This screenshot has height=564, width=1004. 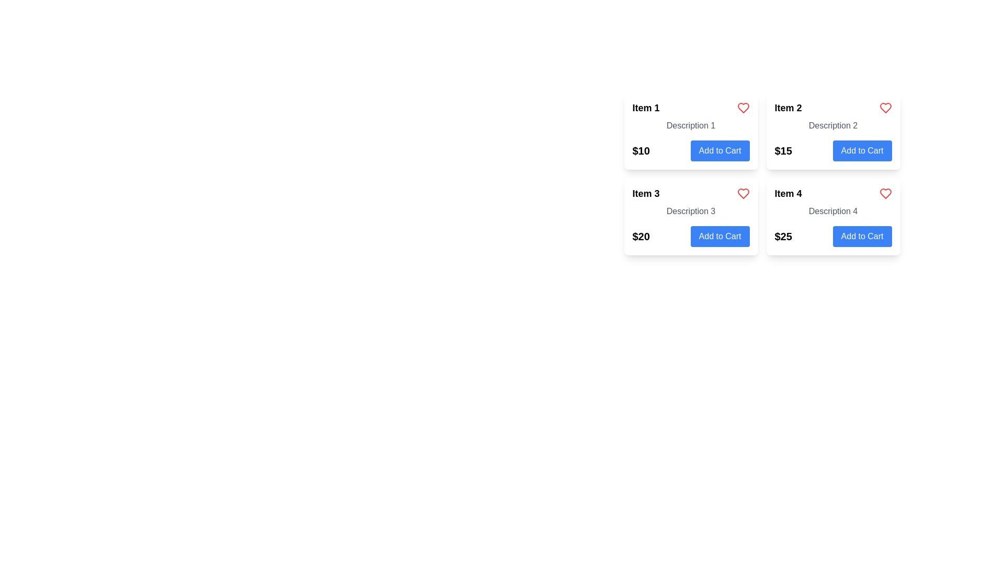 I want to click on the Text label displaying 'Description 3' in medium gray color, centrally aligned within the third card of the second row in the grid layout, so click(x=691, y=211).